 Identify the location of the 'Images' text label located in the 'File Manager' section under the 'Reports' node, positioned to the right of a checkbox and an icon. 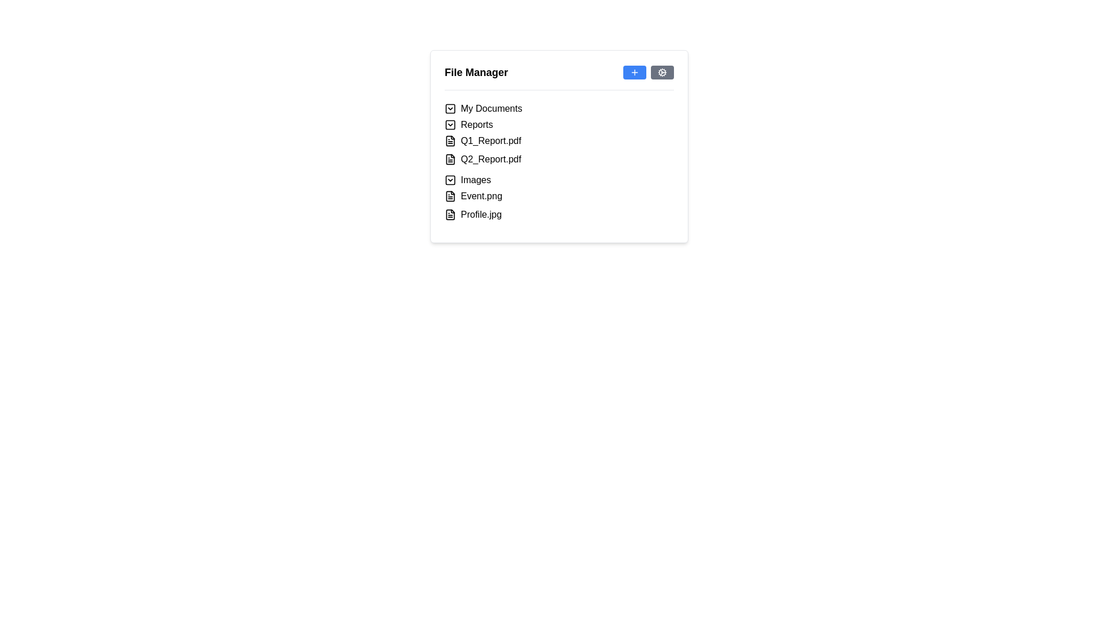
(475, 180).